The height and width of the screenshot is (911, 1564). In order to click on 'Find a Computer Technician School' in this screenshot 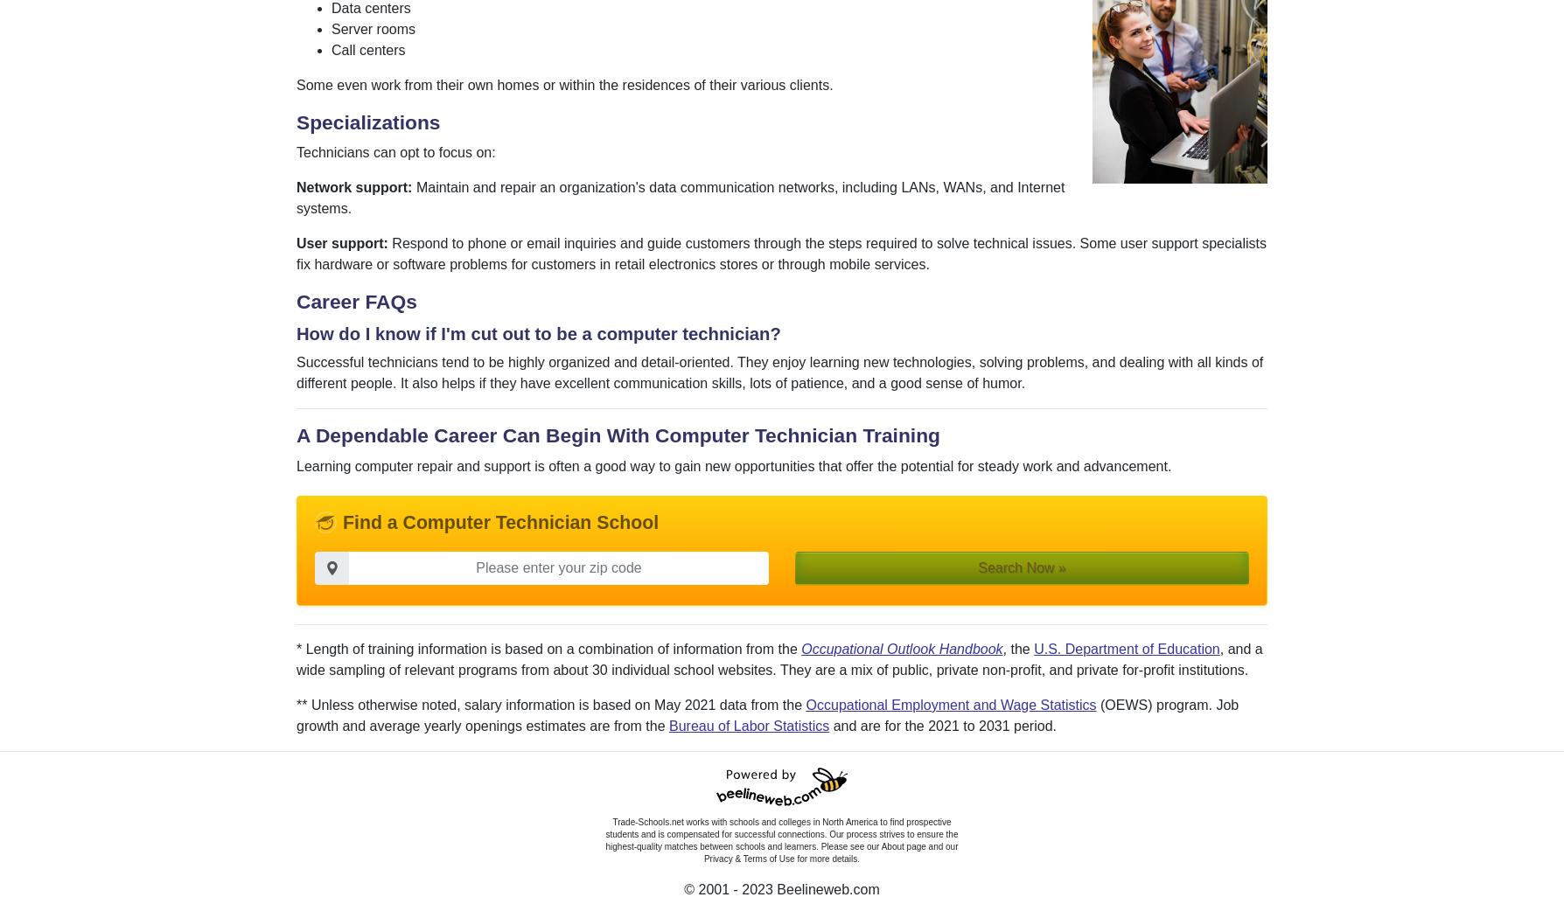, I will do `click(500, 520)`.